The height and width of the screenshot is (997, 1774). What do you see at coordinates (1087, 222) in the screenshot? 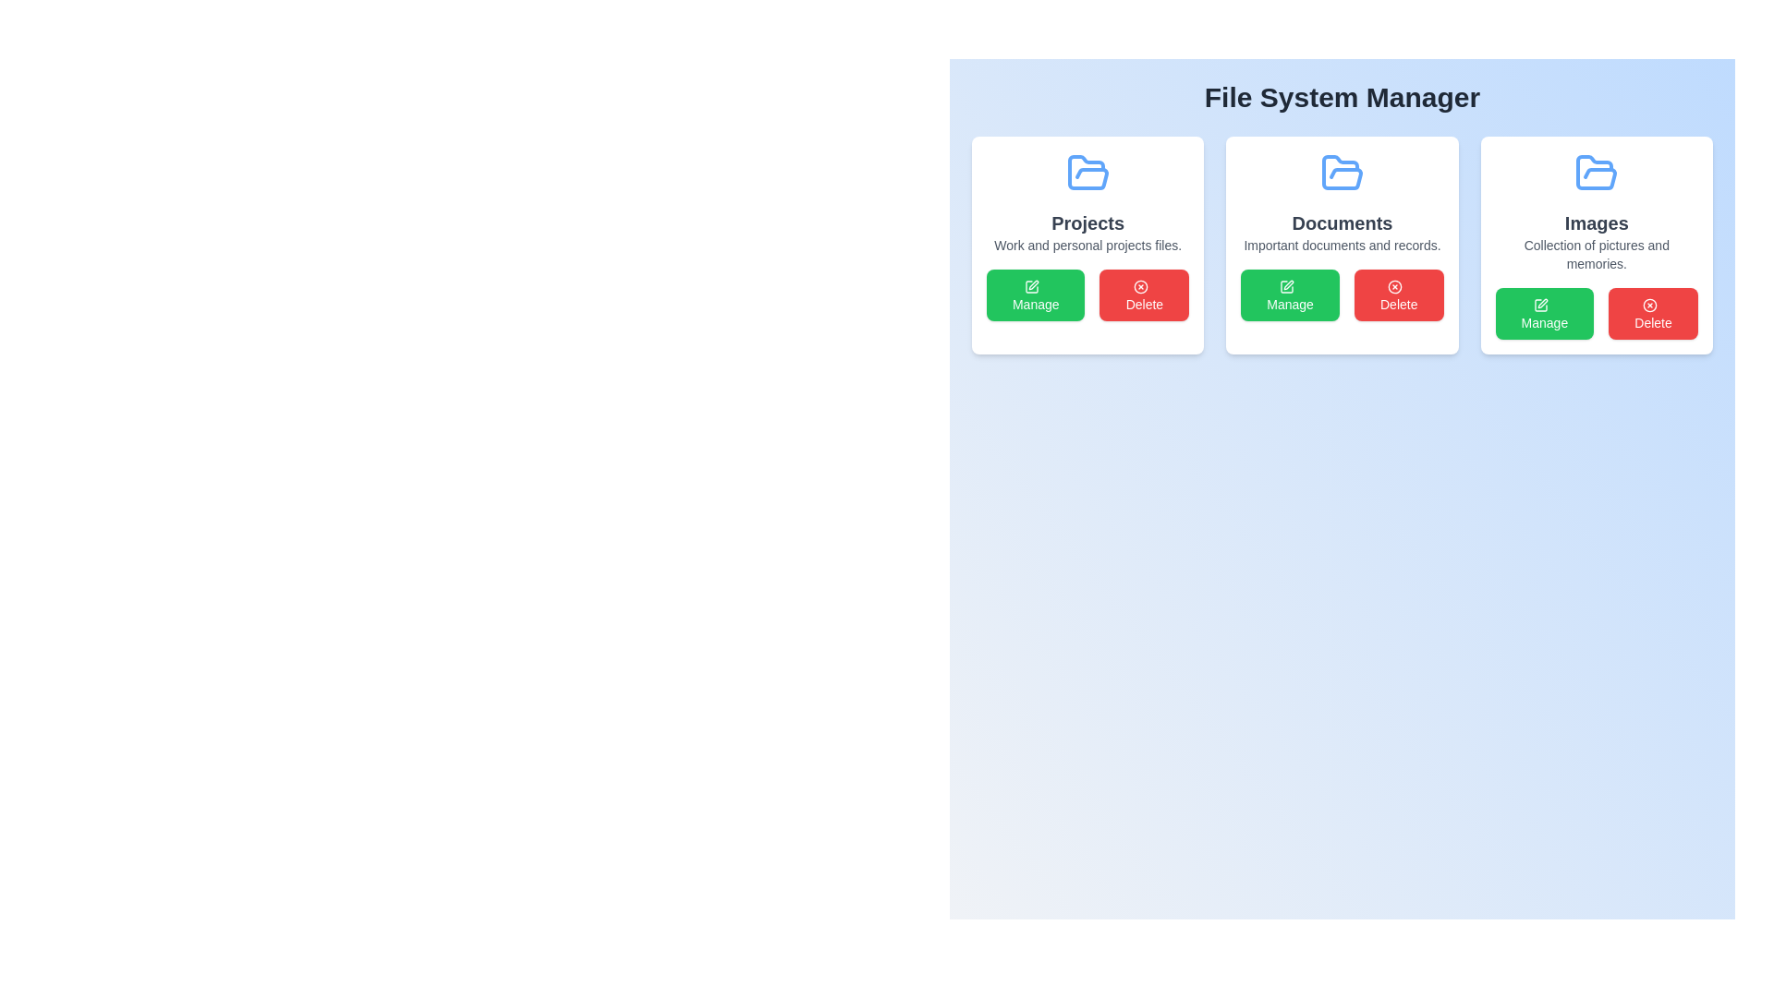
I see `the text label that displays the word 'Projects' in bold, dark-gray font, located centrally within a white card interface, and positioned below an open folder icon` at bounding box center [1087, 222].